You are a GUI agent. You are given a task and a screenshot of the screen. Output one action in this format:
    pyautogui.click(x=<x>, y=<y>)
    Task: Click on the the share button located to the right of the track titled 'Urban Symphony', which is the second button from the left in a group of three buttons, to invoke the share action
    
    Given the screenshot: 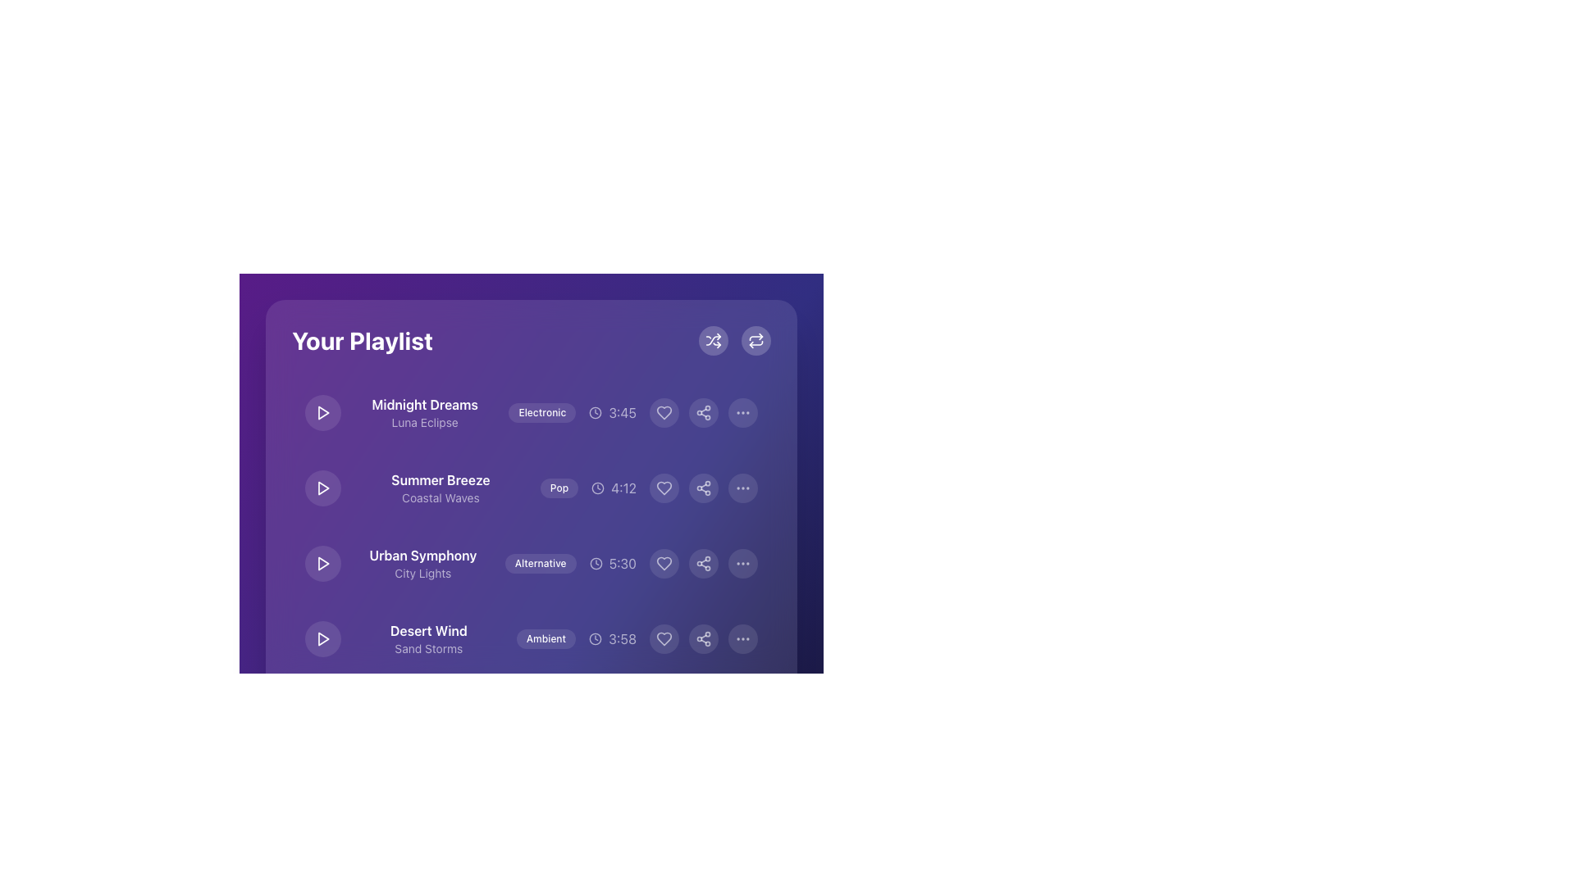 What is the action you would take?
    pyautogui.click(x=704, y=562)
    